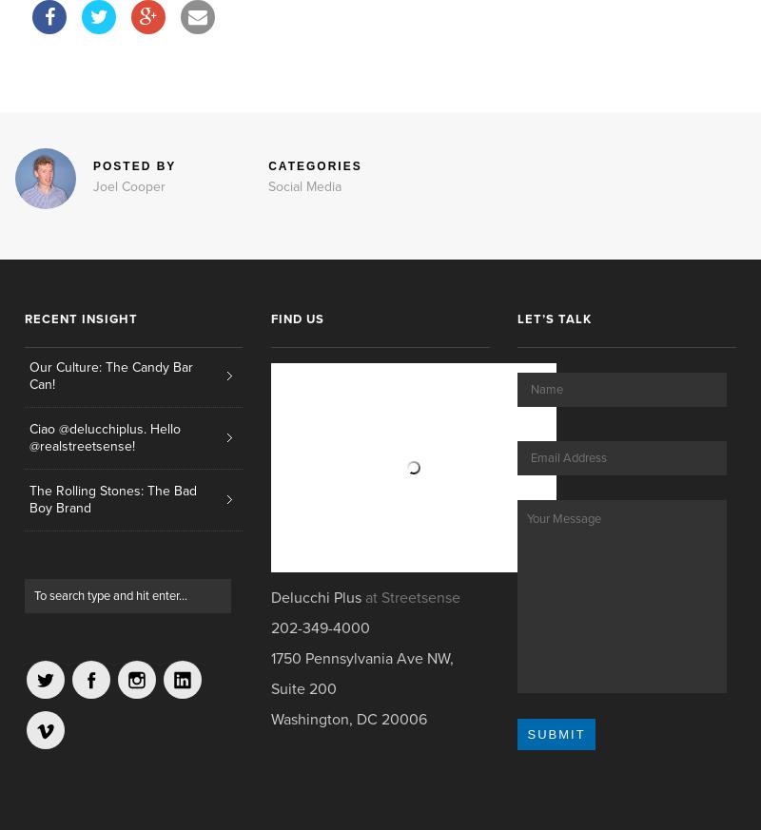 This screenshot has width=761, height=830. What do you see at coordinates (134, 165) in the screenshot?
I see `'Posted By'` at bounding box center [134, 165].